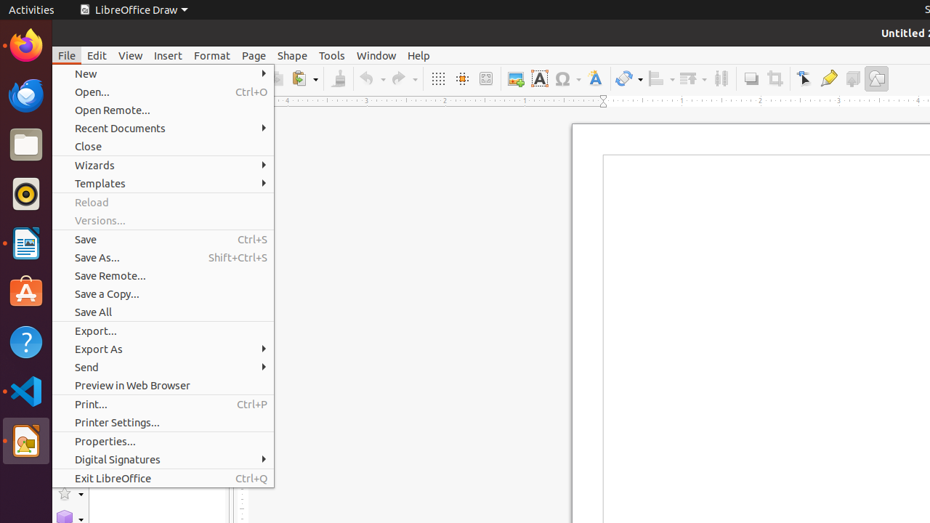  What do you see at coordinates (418, 54) in the screenshot?
I see `'Help'` at bounding box center [418, 54].